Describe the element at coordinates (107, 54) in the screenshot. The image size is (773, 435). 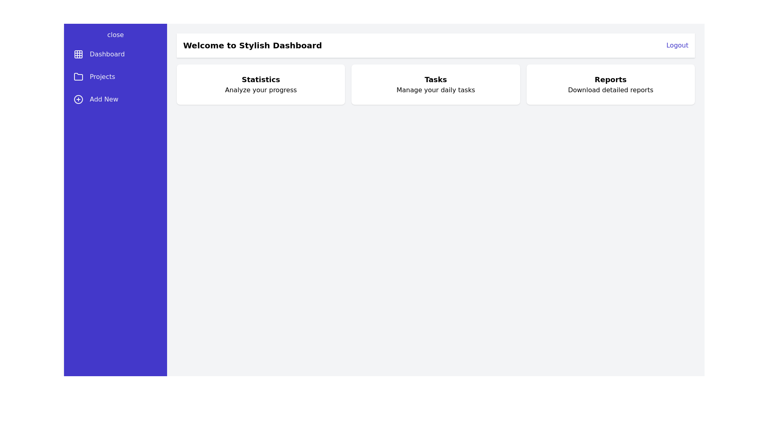
I see `the first text label in the vertical navigation panel, which serves as a label for the menu item that navigates to the dashboard view` at that location.